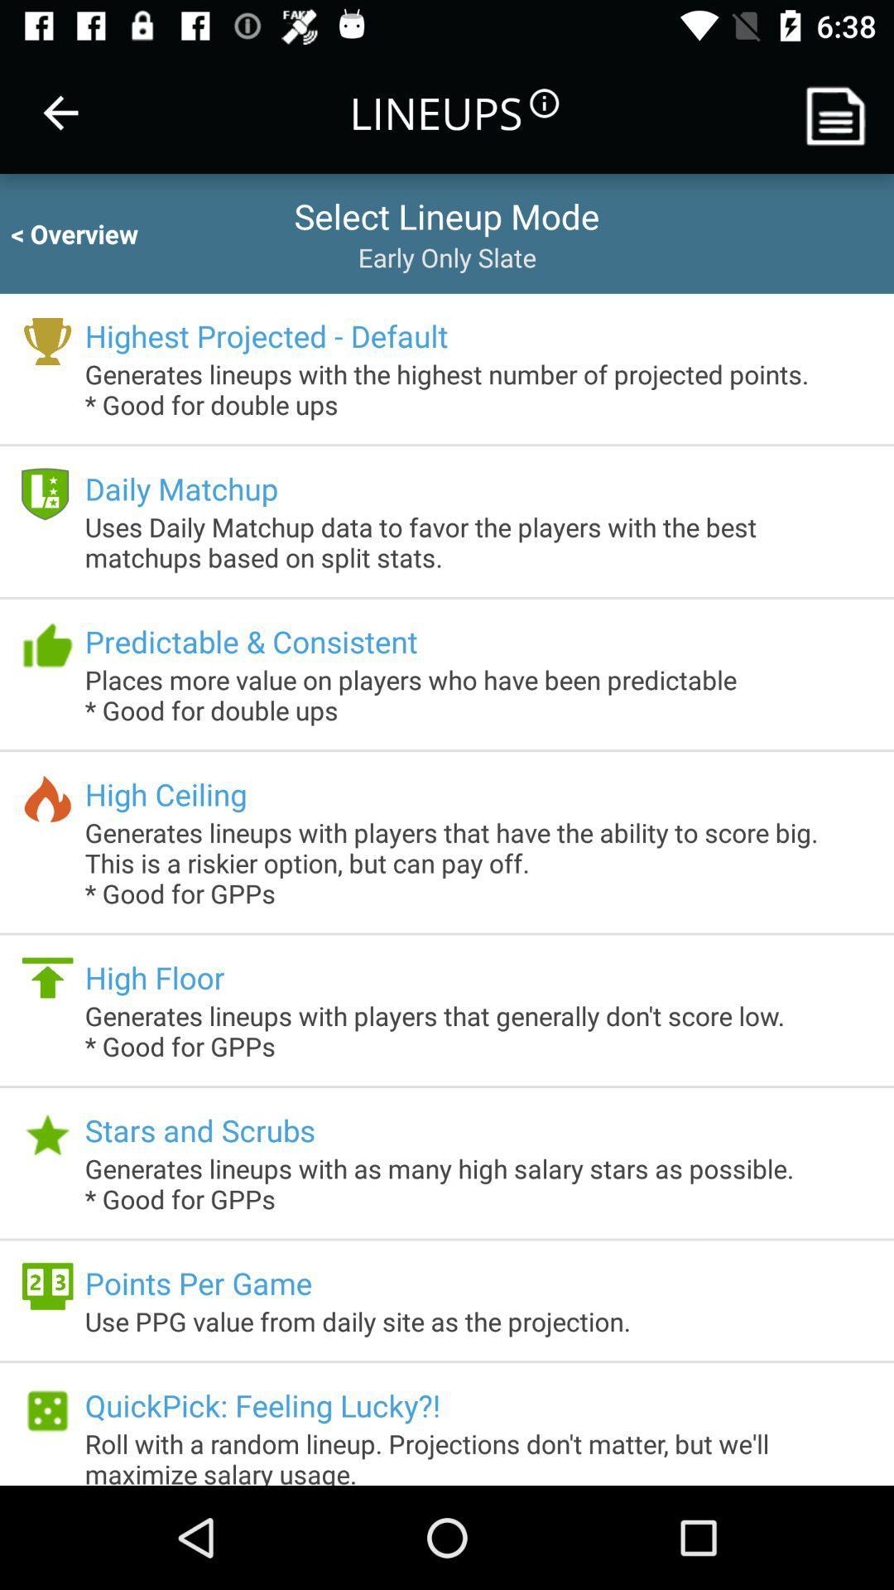  Describe the element at coordinates (89, 233) in the screenshot. I see `item to the left of the select lineup mode icon` at that location.